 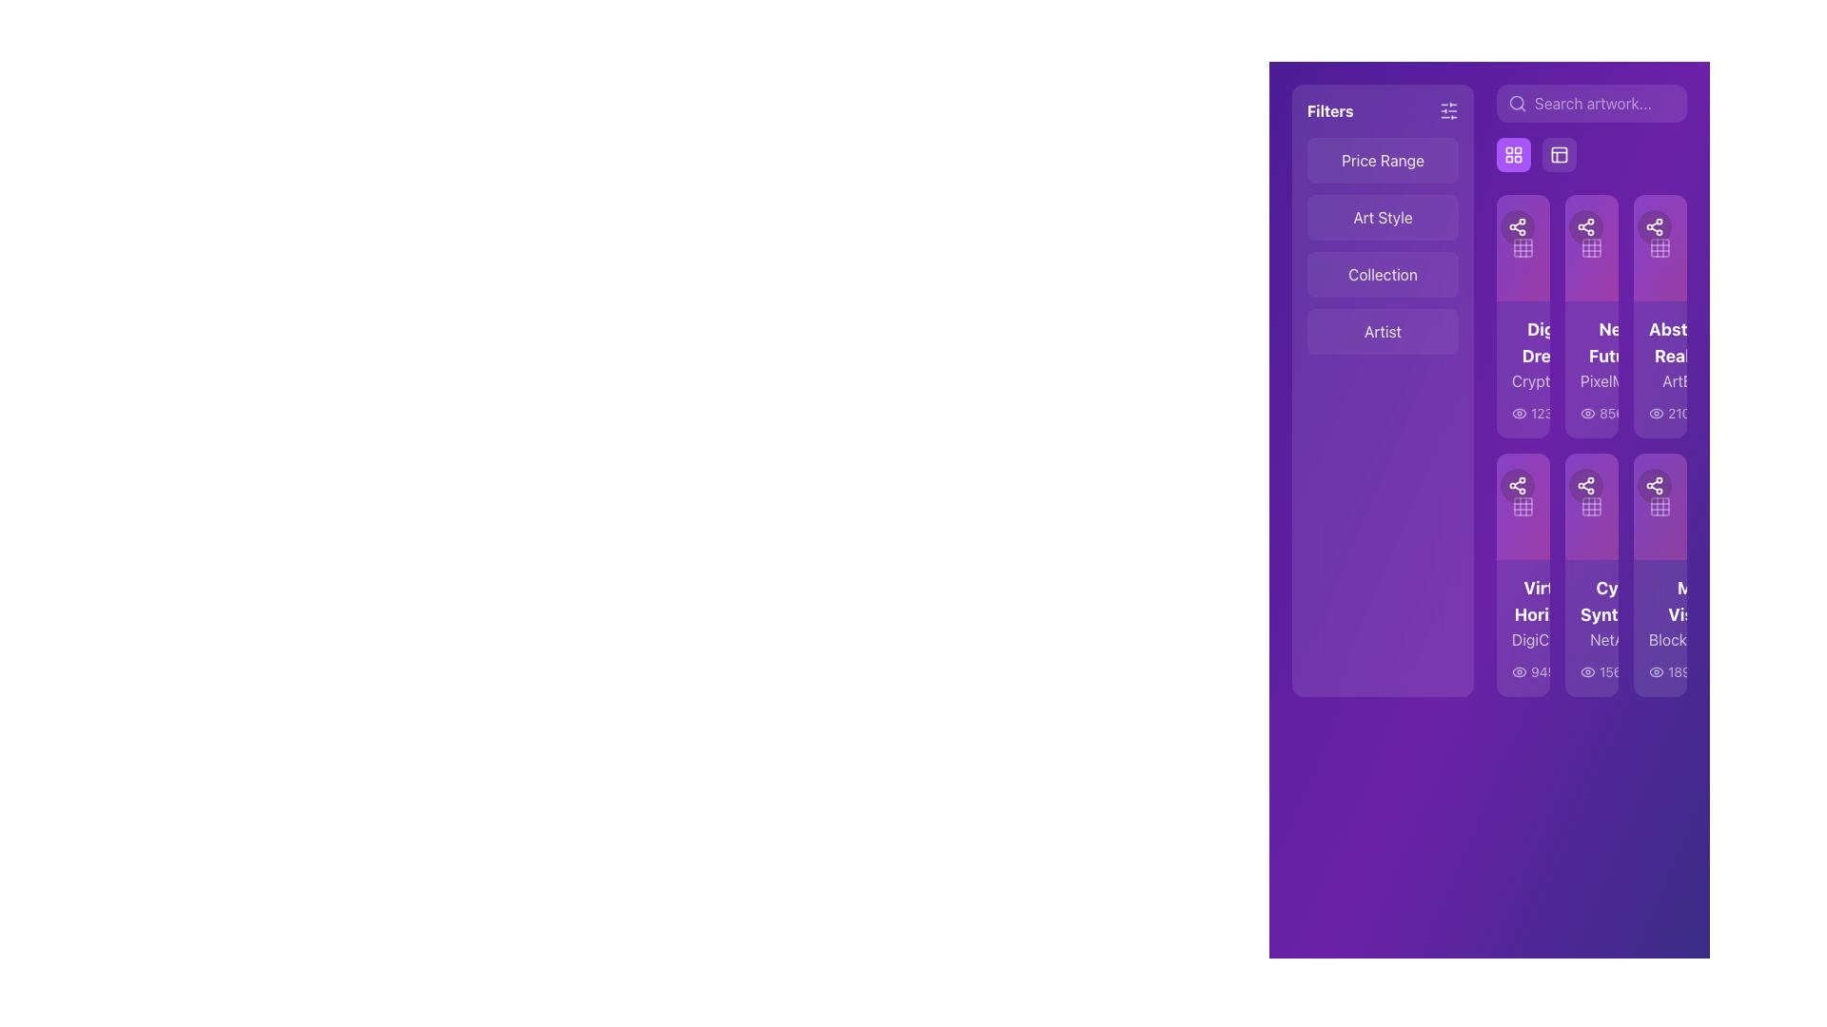 I want to click on the informative circle icon button located to the far right of the numerical value, so click(x=1665, y=413).